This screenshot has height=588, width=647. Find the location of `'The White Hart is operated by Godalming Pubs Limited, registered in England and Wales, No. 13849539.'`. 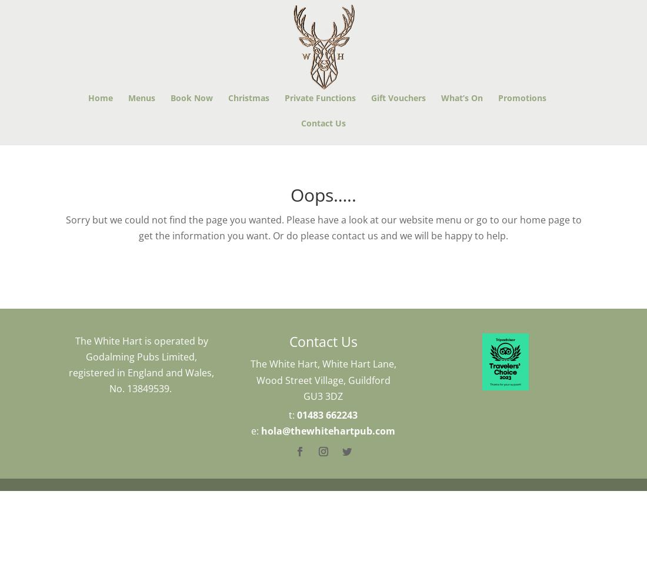

'The White Hart is operated by Godalming Pubs Limited, registered in England and Wales, No. 13849539.' is located at coordinates (141, 364).